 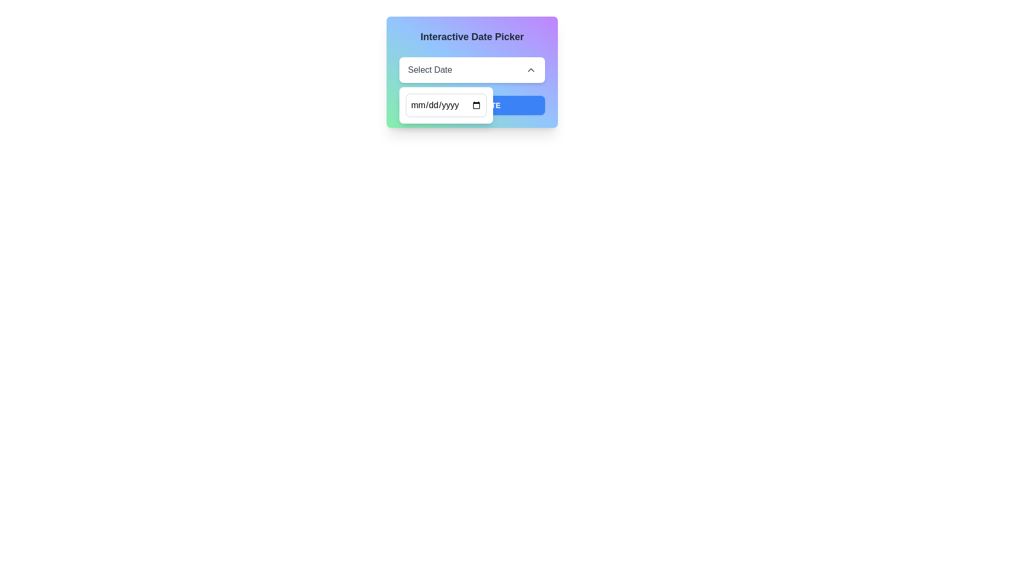 What do you see at coordinates (446, 105) in the screenshot?
I see `the Date Picker Input Field which has a white background, rounded edges, and a calendar icon on the right` at bounding box center [446, 105].